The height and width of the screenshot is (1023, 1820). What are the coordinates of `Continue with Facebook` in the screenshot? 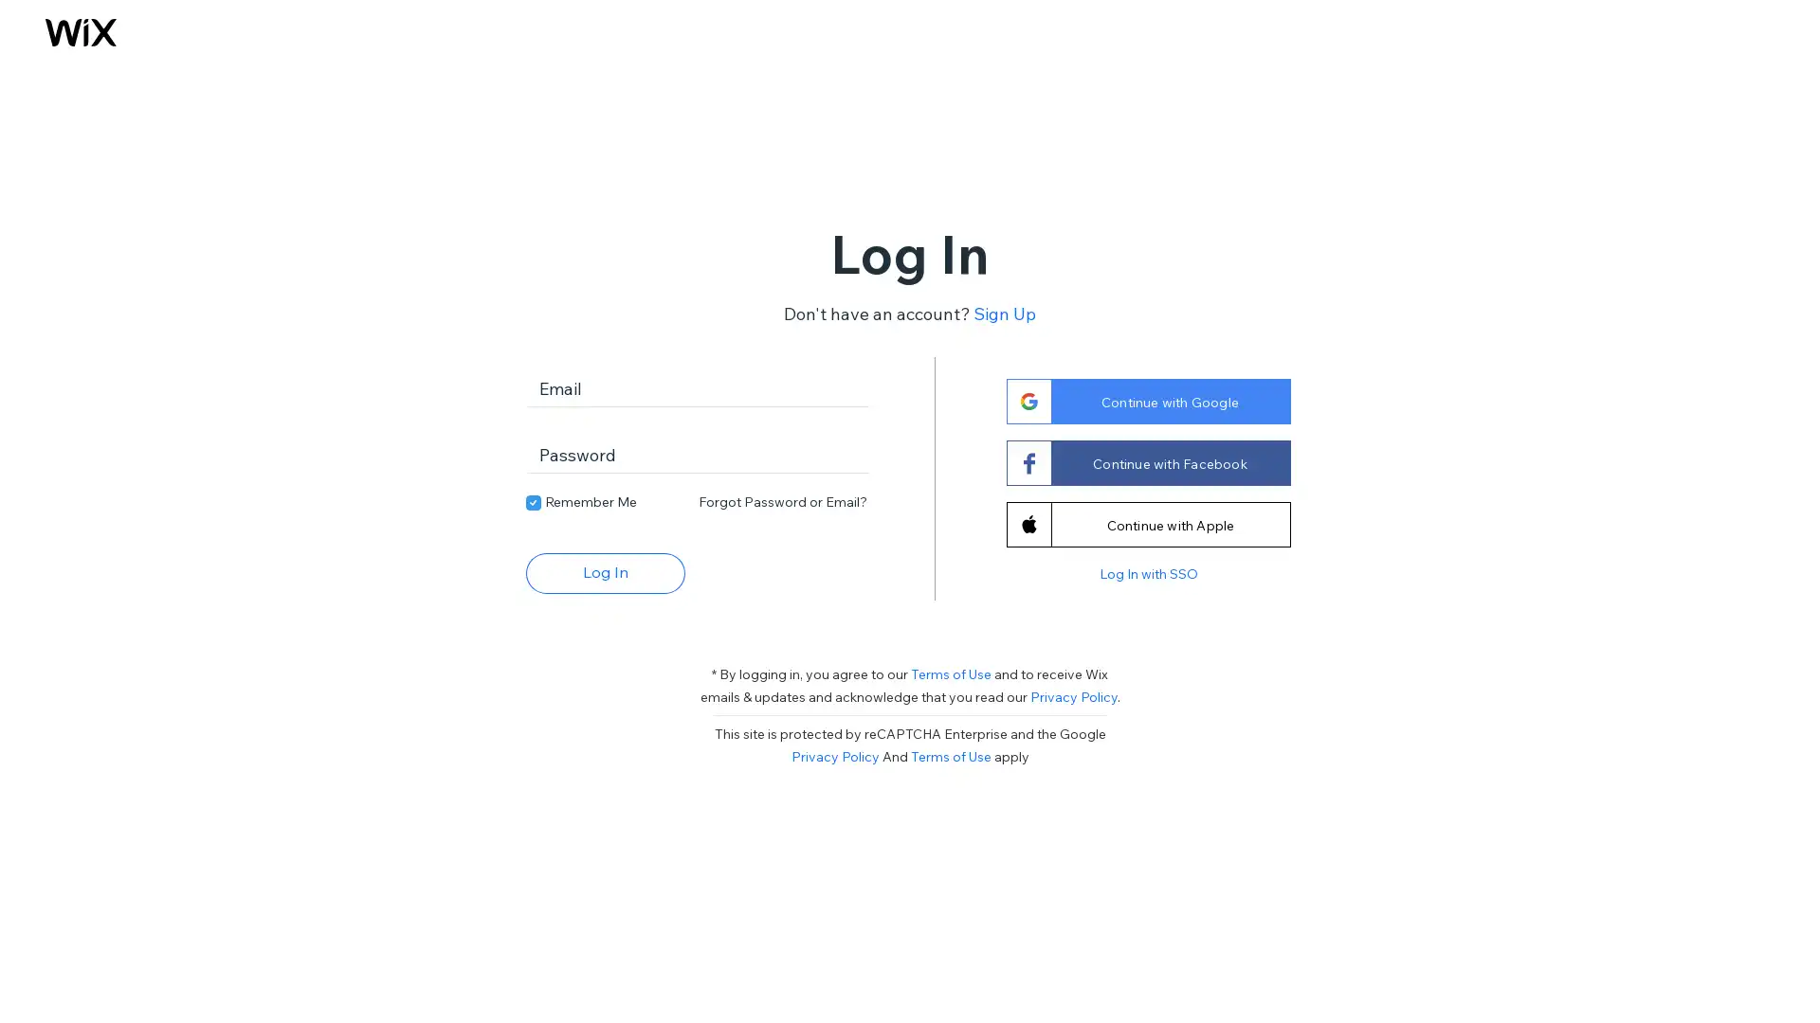 It's located at (1146, 462).